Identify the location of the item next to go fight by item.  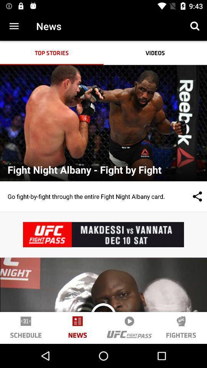
(189, 196).